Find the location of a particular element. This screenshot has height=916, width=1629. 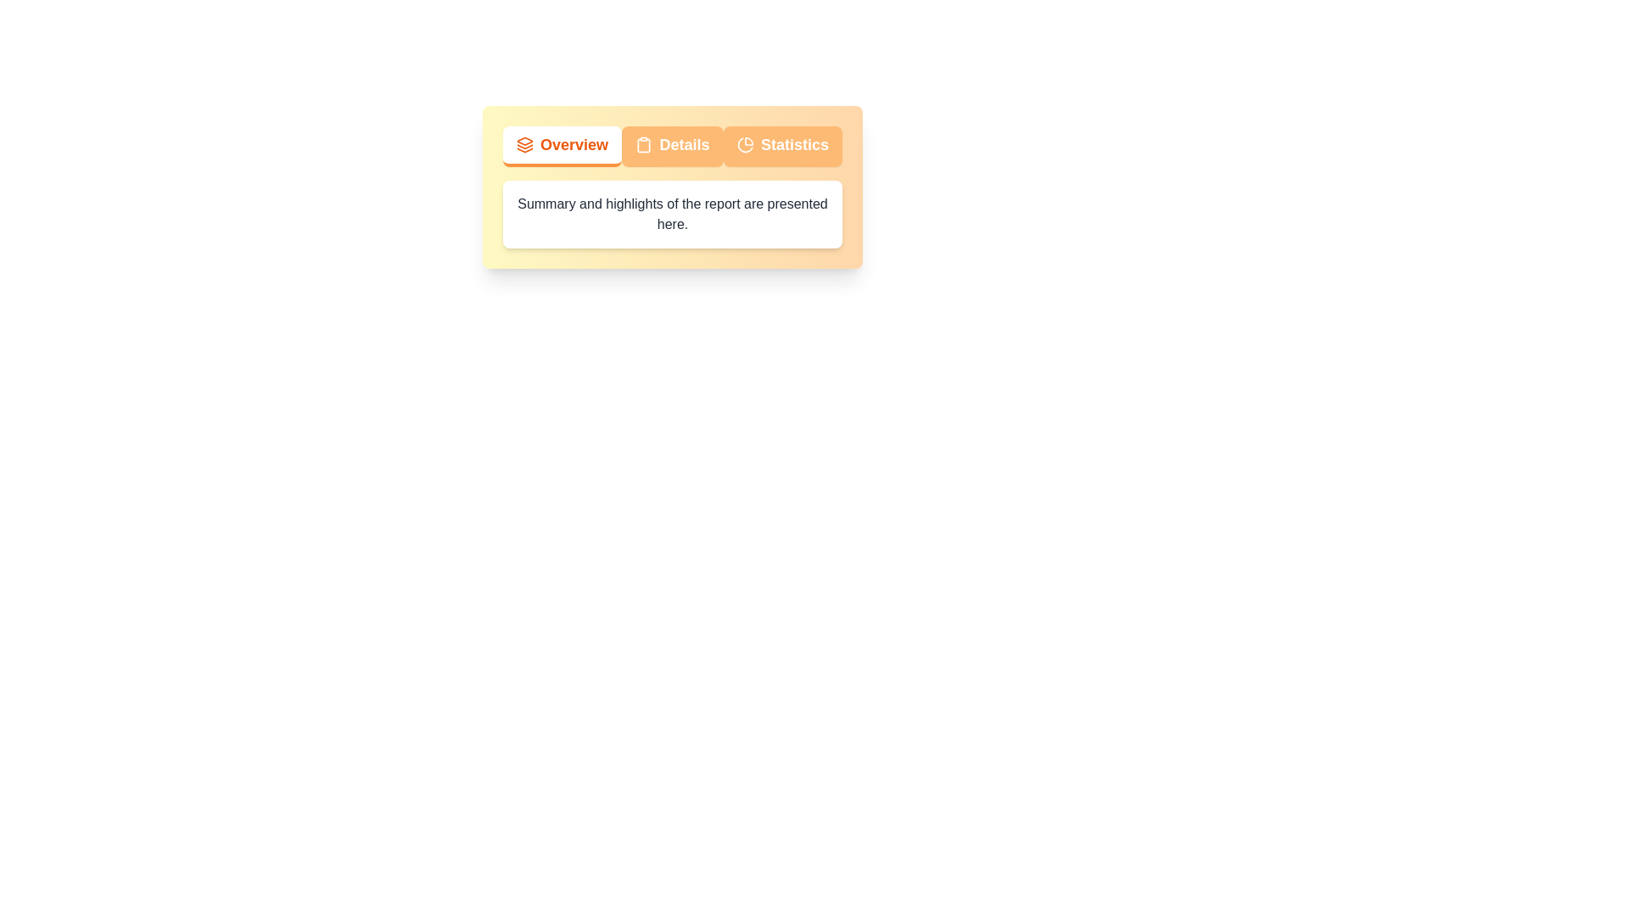

the 'Details' tab icon within the navigation menu, which represents the section's theme is located at coordinates (643, 144).